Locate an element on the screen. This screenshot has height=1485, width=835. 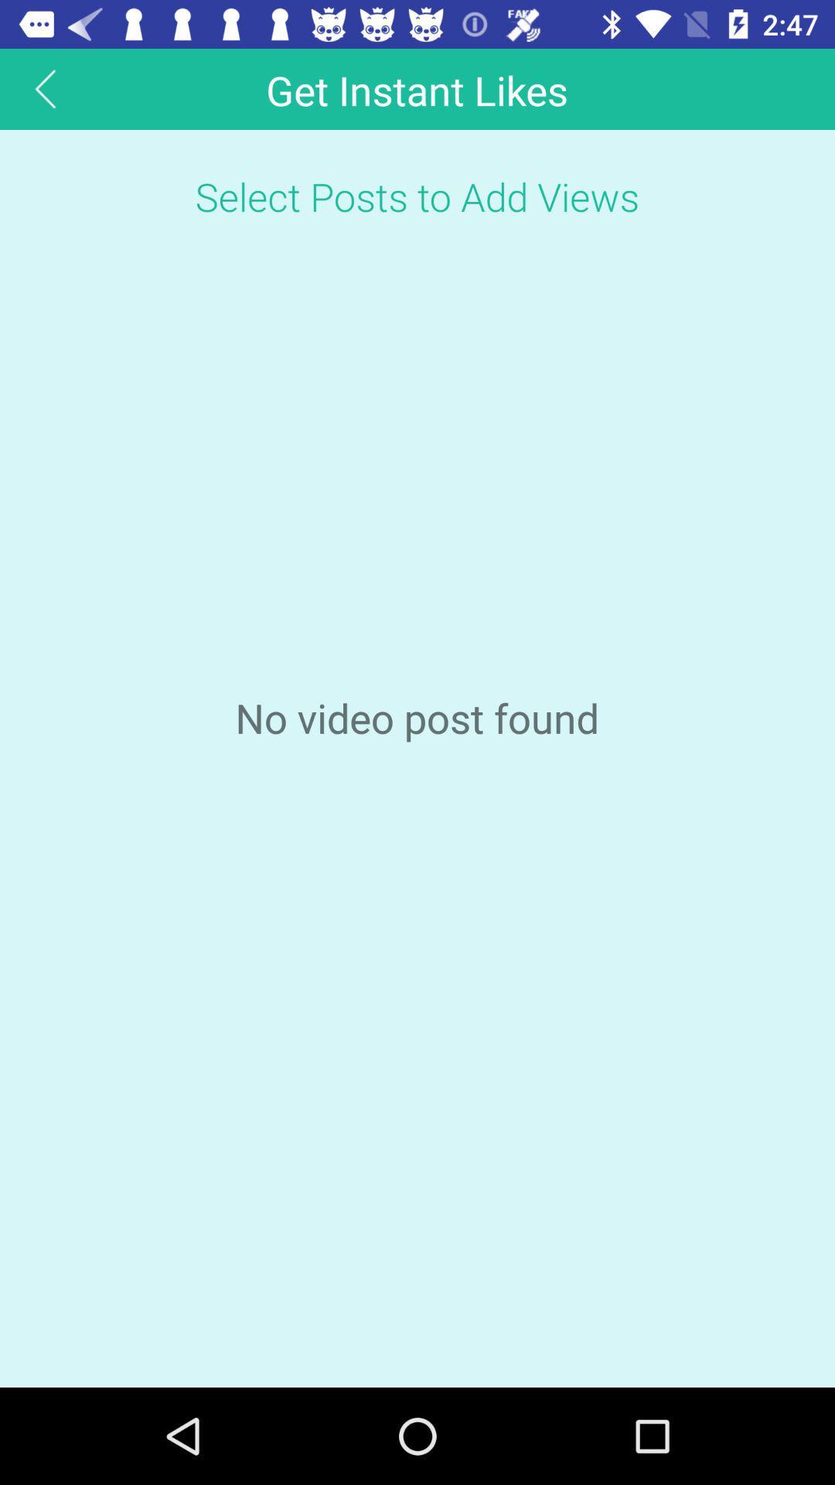
the icon at the top left corner is located at coordinates (45, 88).